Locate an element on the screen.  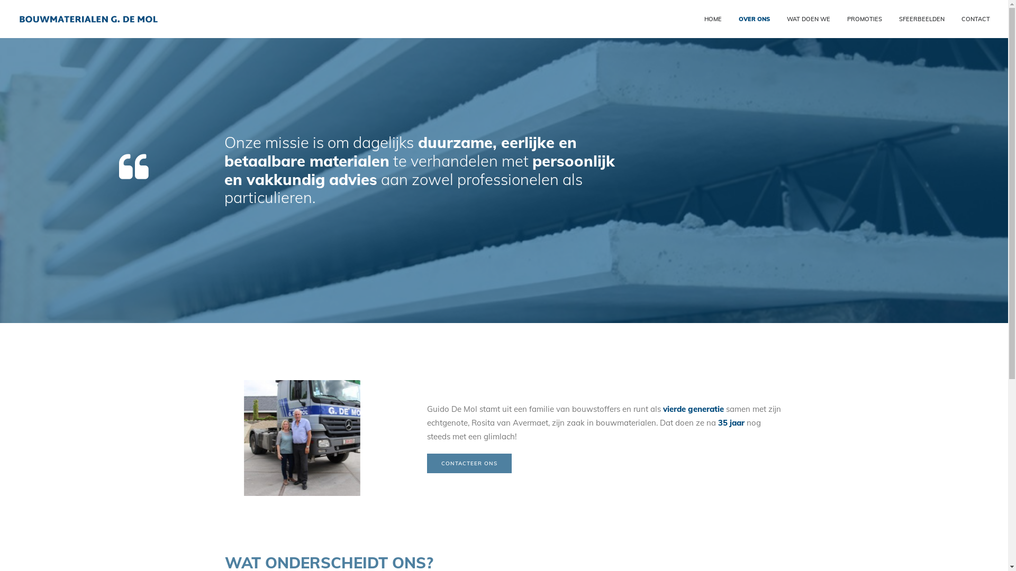
'WAT DOEN WE' is located at coordinates (807, 19).